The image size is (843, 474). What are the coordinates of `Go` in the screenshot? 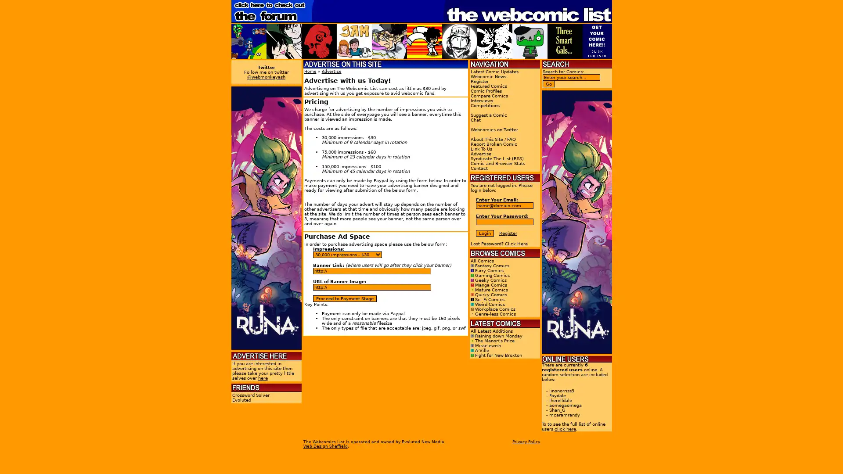 It's located at (548, 84).